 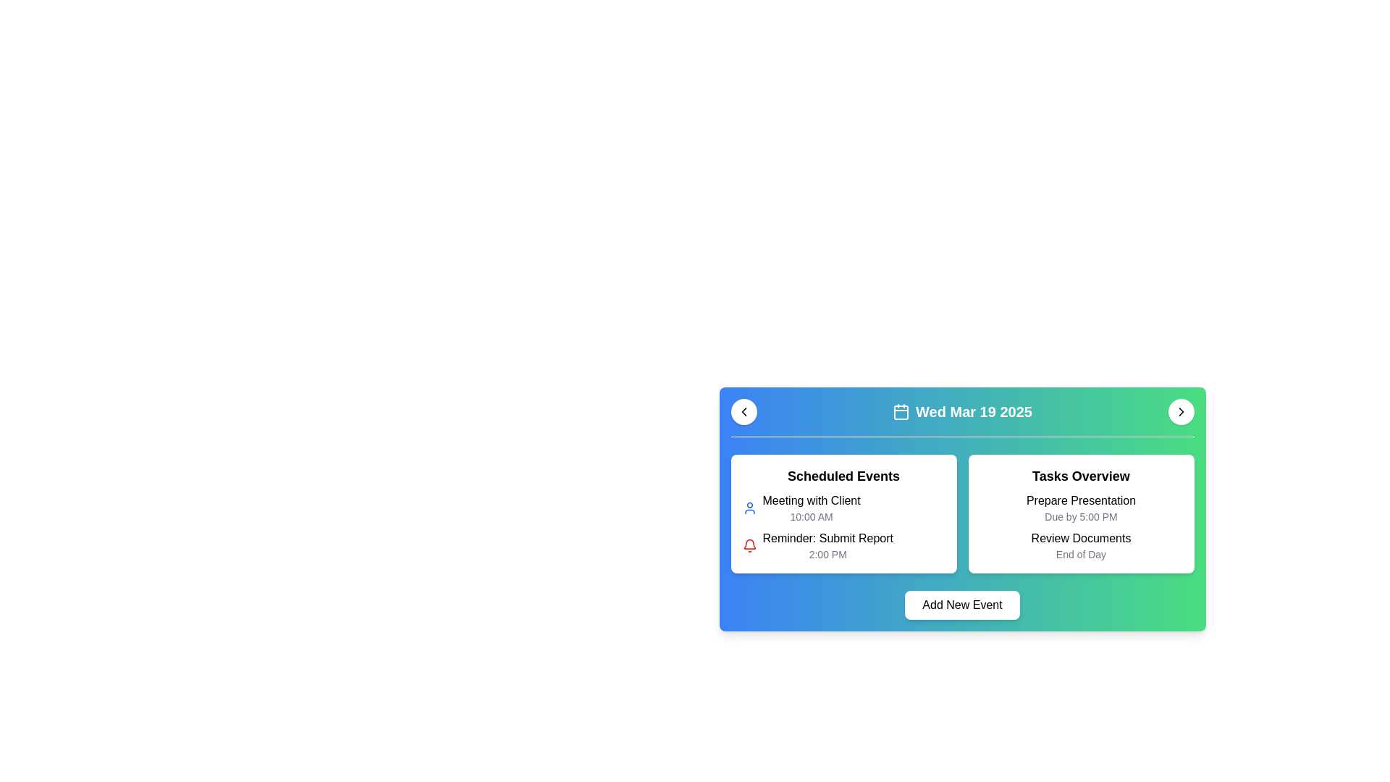 I want to click on the Event entry display that shows 'Meeting with Client' in bold with a user icon on the left, so click(x=843, y=508).